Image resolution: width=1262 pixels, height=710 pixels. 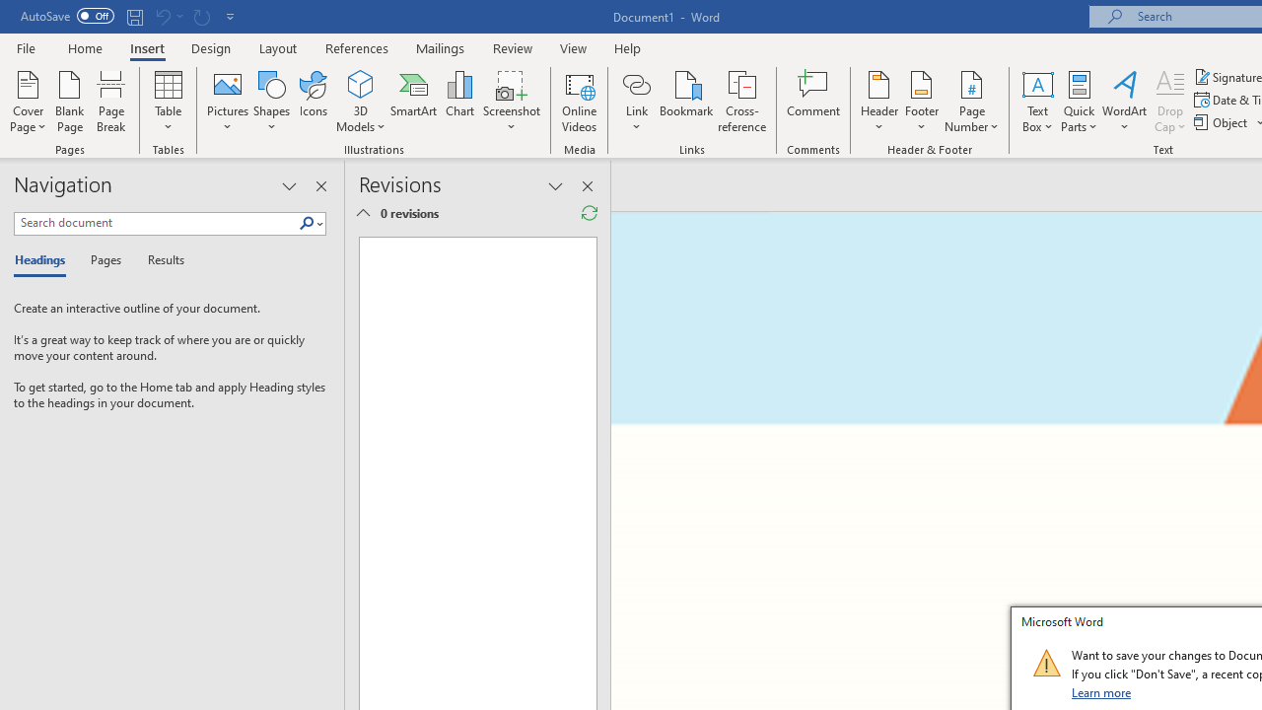 I want to click on 'Footer', so click(x=921, y=102).